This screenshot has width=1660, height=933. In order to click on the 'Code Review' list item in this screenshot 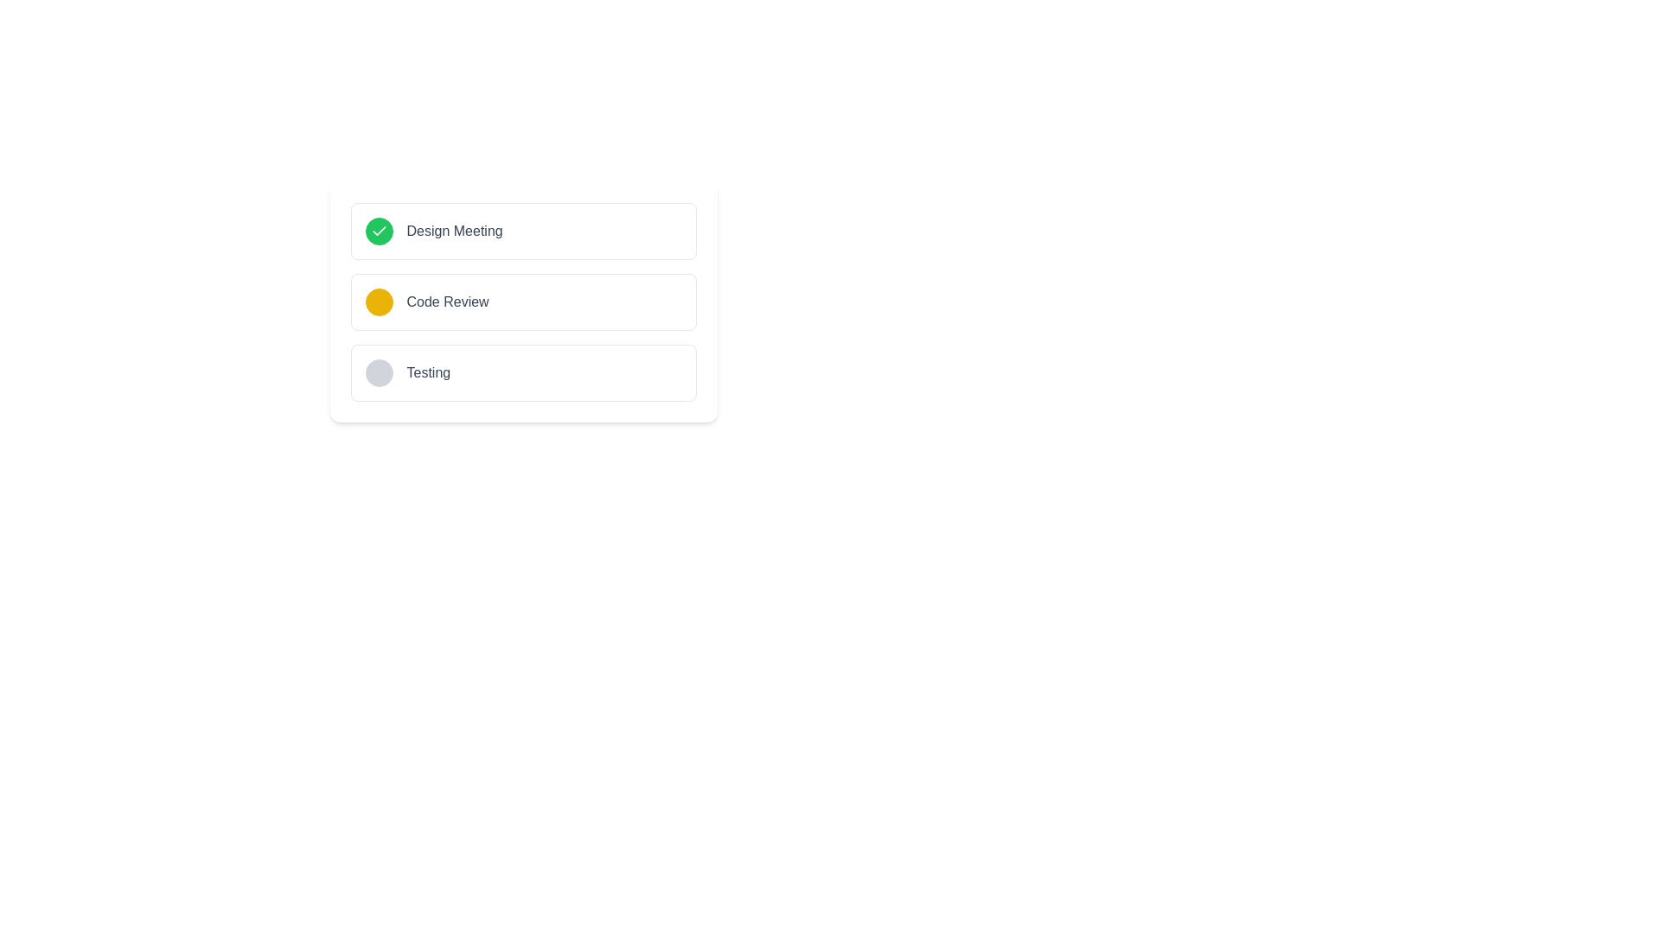, I will do `click(522, 301)`.